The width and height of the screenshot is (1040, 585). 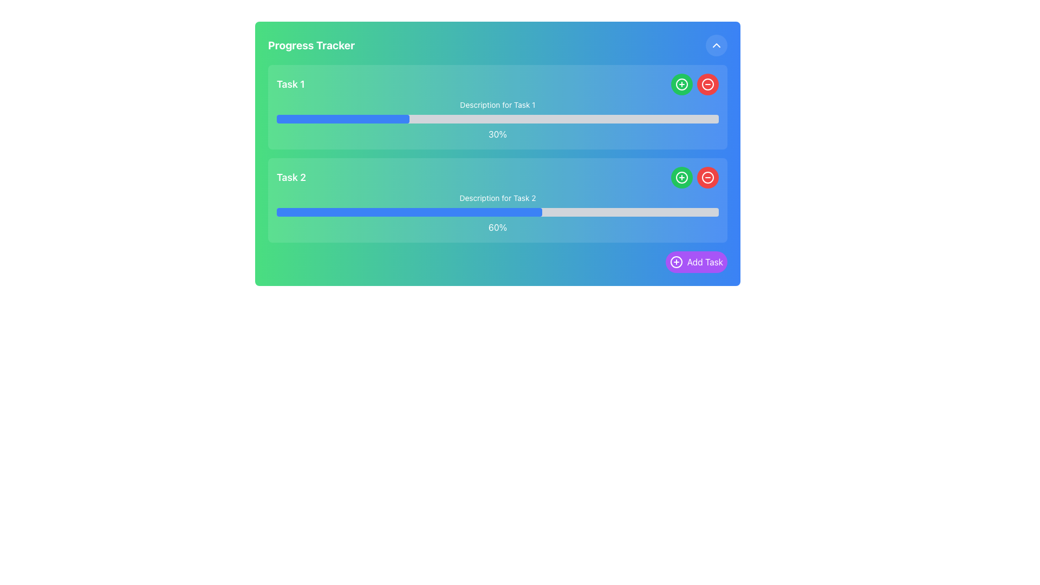 What do you see at coordinates (707, 177) in the screenshot?
I see `the button for removing or decrementing tasks in the middle-right section of the second task row in the Progress Tracker interface` at bounding box center [707, 177].